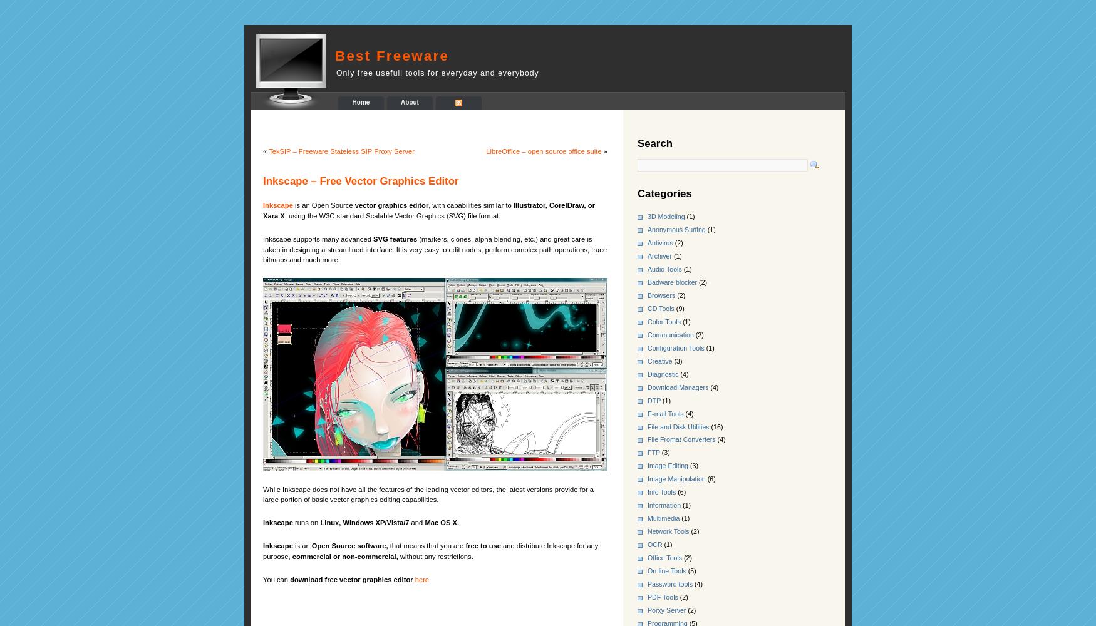 This screenshot has height=626, width=1096. I want to click on 'On-line Tools', so click(666, 570).